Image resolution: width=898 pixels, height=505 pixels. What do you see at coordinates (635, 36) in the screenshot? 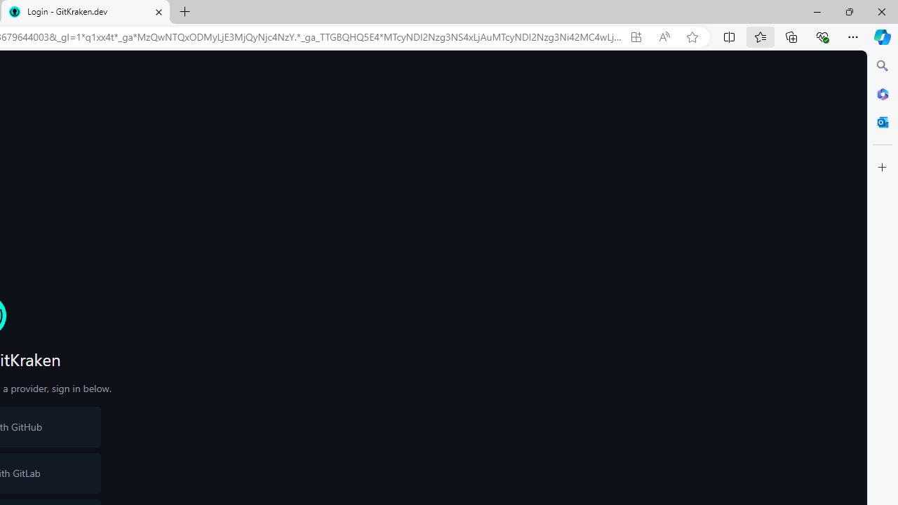
I see `'App available. Install GitKraken.dev'` at bounding box center [635, 36].